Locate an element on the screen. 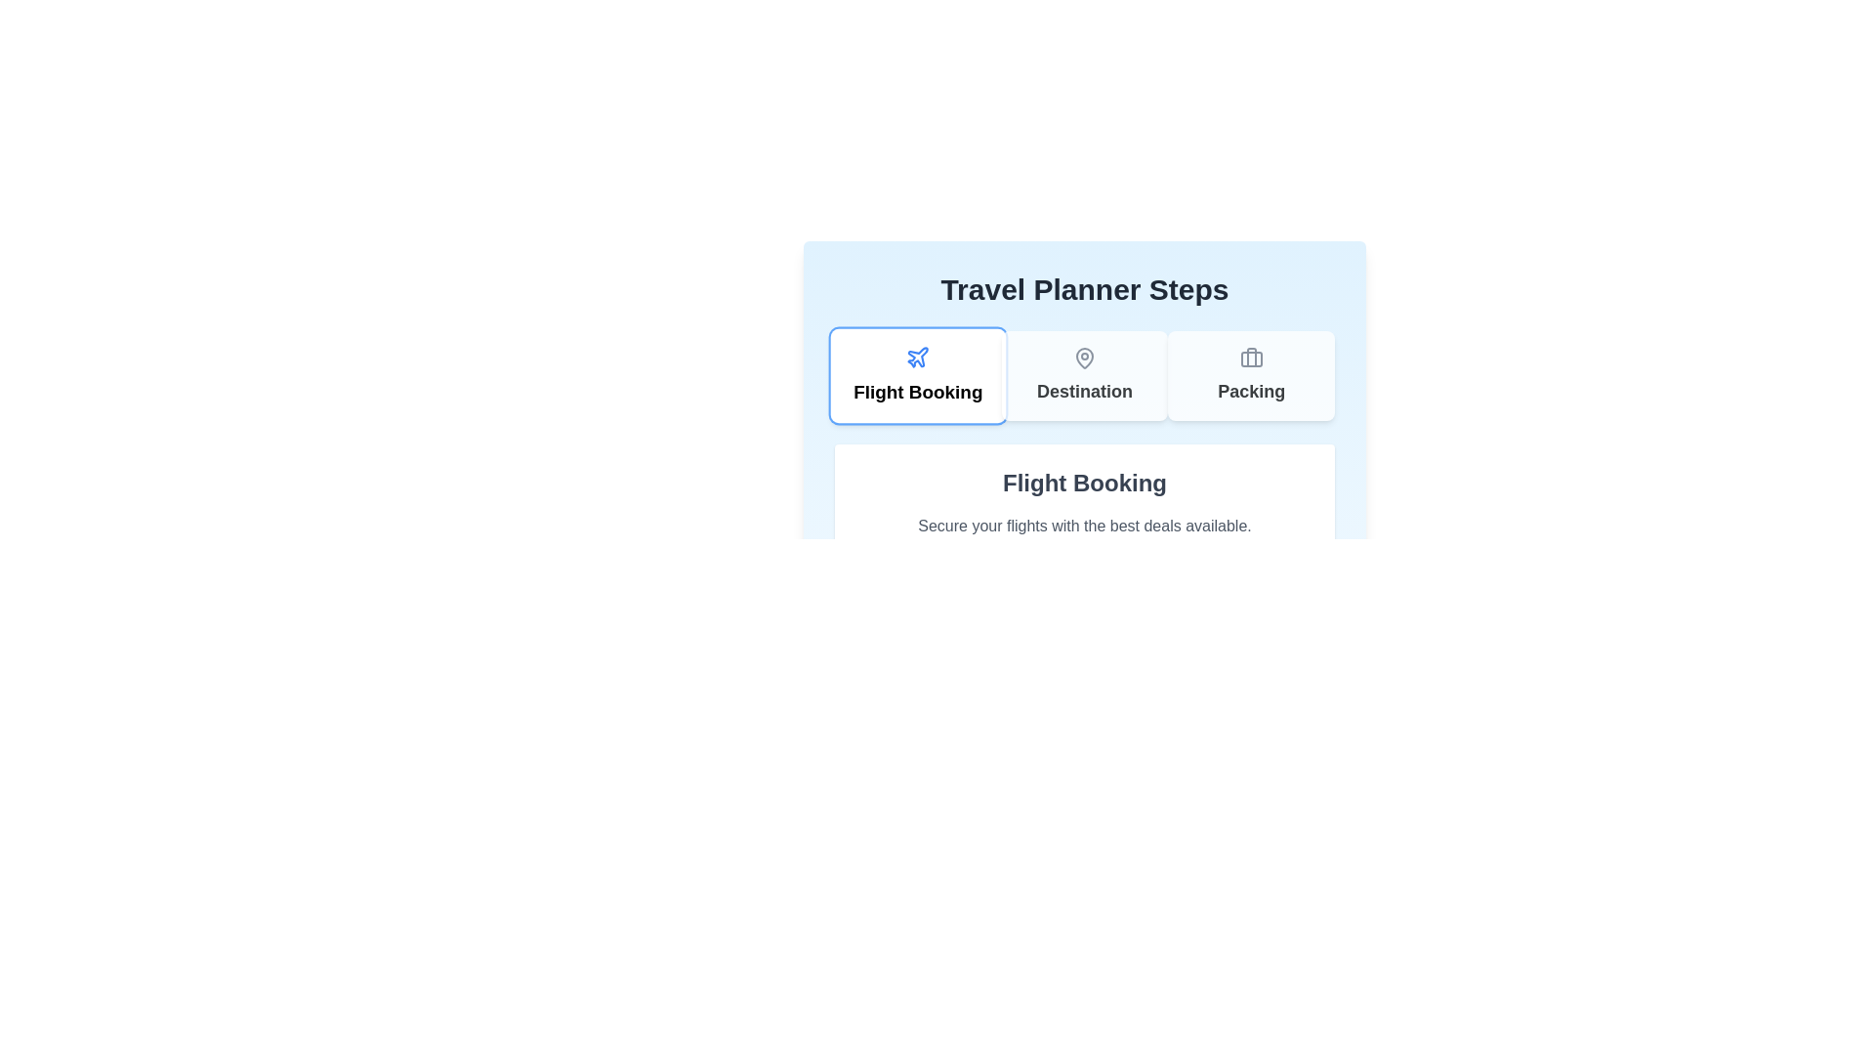  the decorative briefcase side frame icon located in the 'Packing' tab, which enhances the design theme is located at coordinates (1251, 358).